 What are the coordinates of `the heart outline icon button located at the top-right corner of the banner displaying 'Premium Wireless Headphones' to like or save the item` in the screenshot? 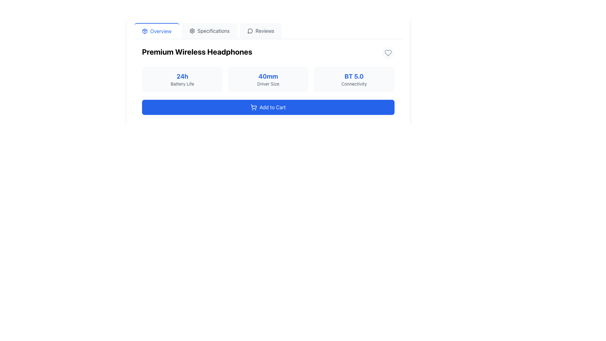 It's located at (388, 53).